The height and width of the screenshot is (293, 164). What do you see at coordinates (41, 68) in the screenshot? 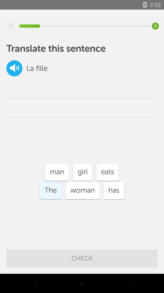
I see `fille` at bounding box center [41, 68].